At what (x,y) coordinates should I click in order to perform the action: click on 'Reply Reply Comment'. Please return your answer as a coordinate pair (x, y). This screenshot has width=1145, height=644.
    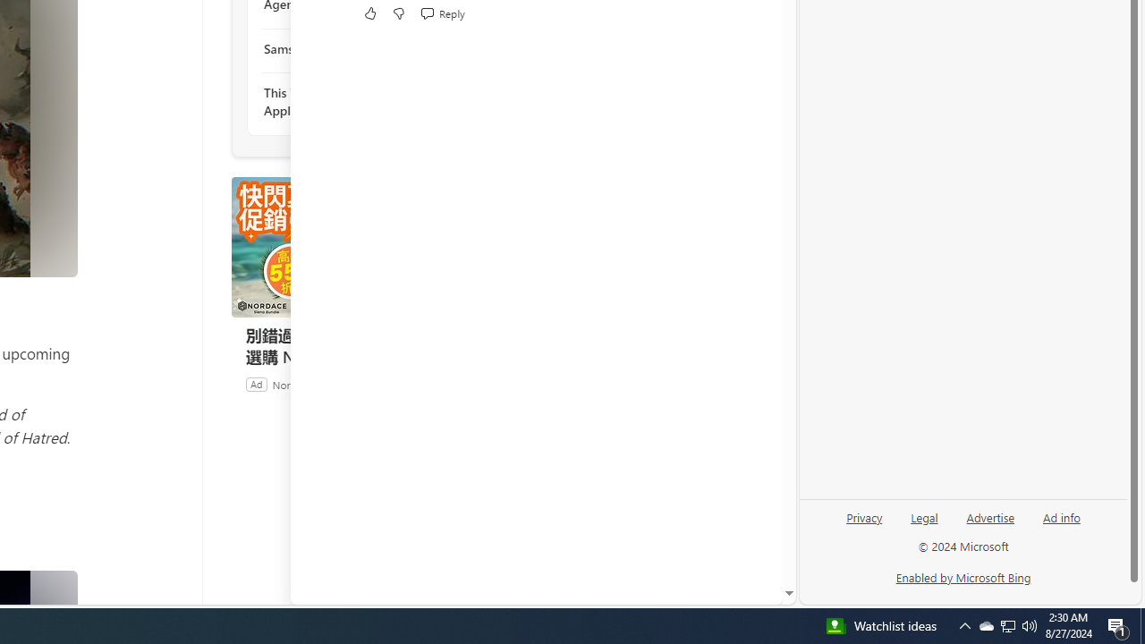
    Looking at the image, I should click on (442, 13).